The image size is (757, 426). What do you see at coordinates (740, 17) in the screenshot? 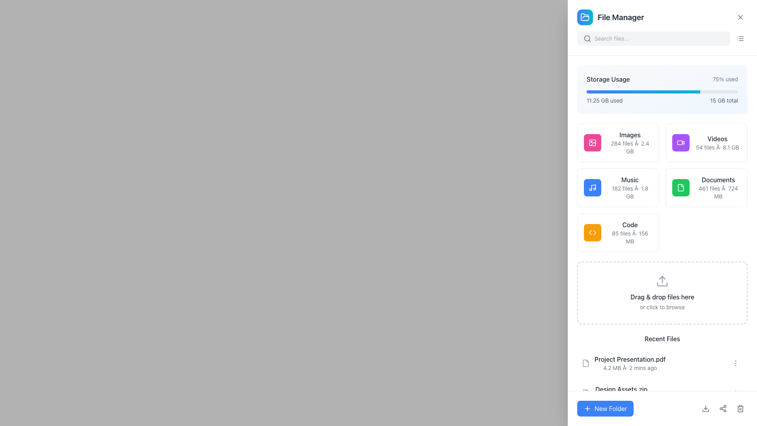
I see `the 'X' icon button located in the upper-right corner of the 'File Manager' header bar` at bounding box center [740, 17].